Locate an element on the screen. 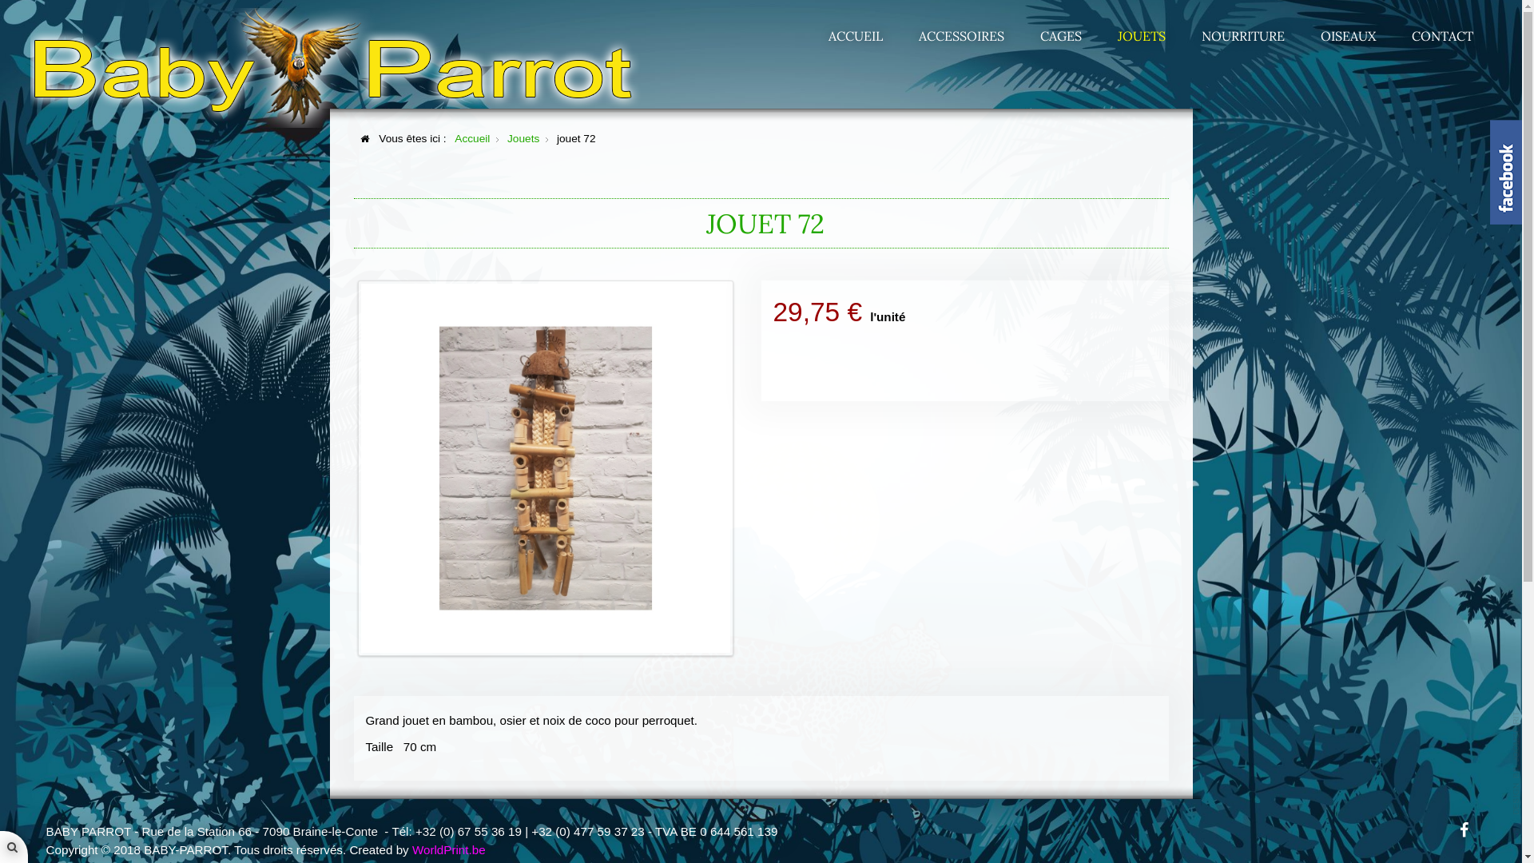  'OISEAUX' is located at coordinates (1347, 36).